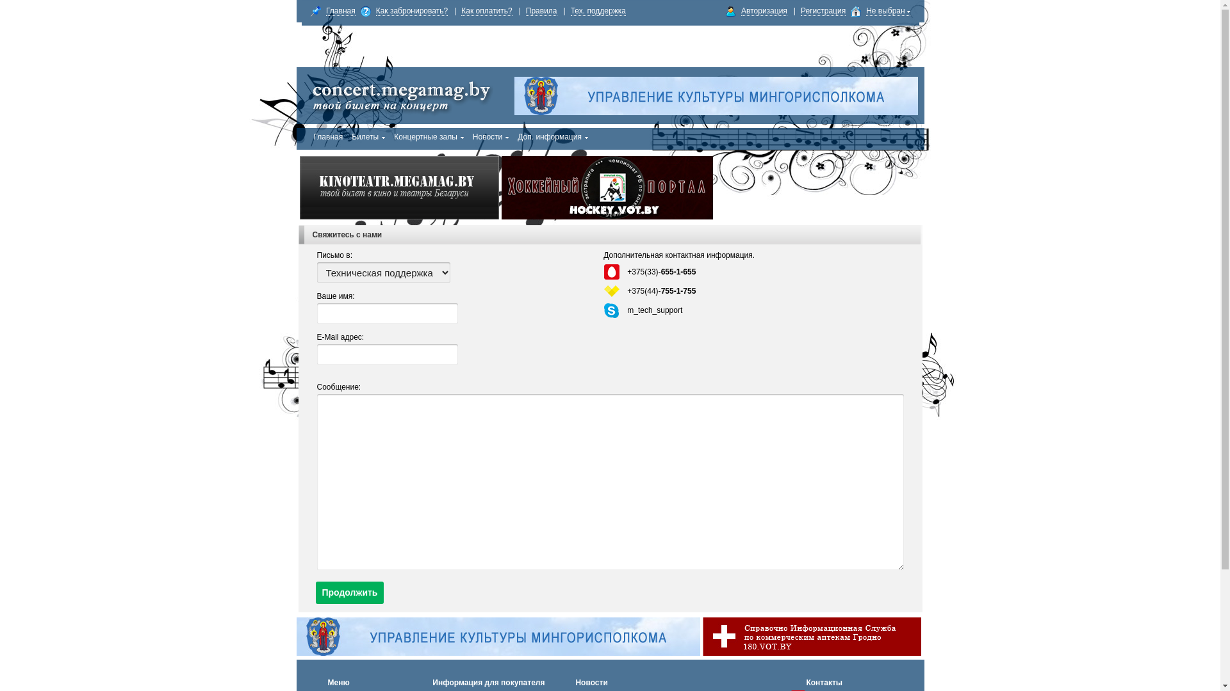 The image size is (1230, 691). What do you see at coordinates (655, 310) in the screenshot?
I see `'m_tech_support'` at bounding box center [655, 310].